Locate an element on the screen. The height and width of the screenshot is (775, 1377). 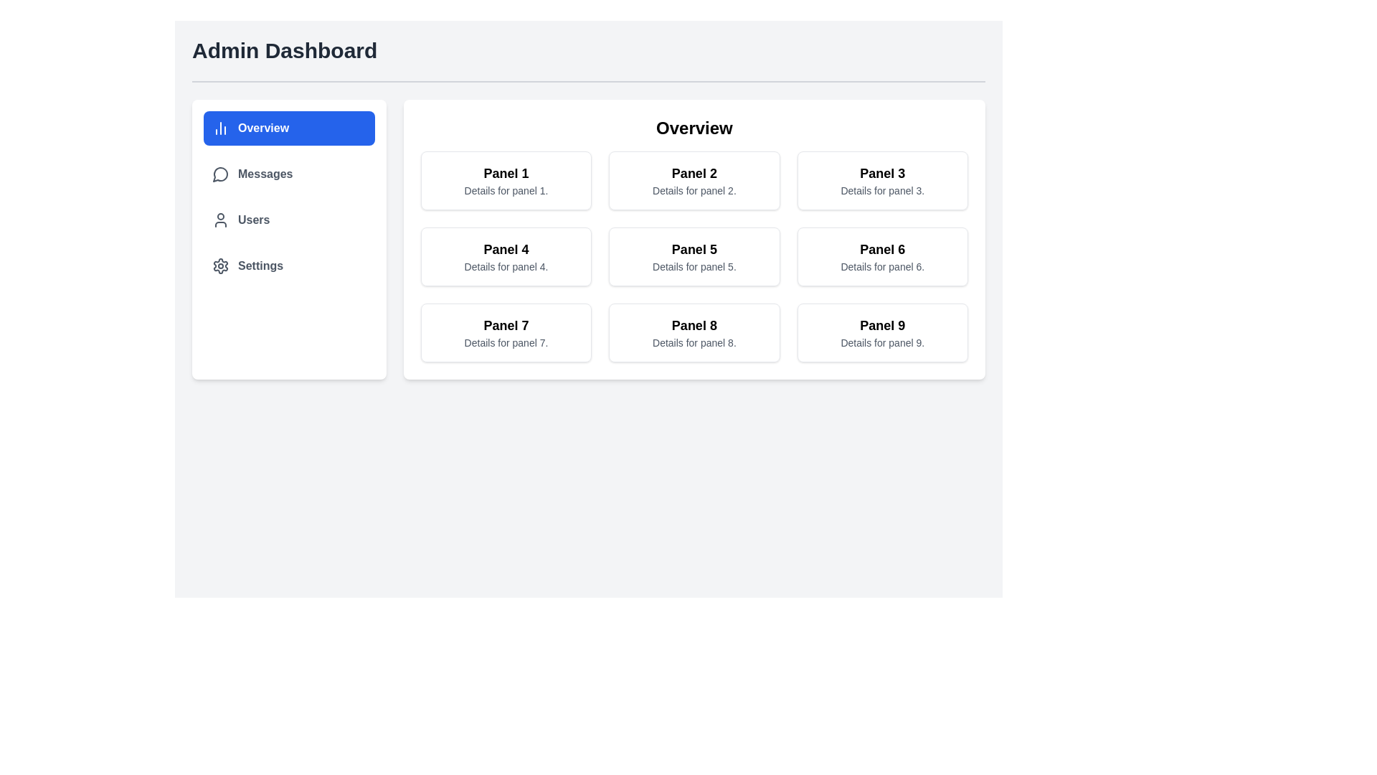
the text label that serves as the title or heading for its respective panel, positioned at the top-left corner of the rectangular panel is located at coordinates (506, 173).